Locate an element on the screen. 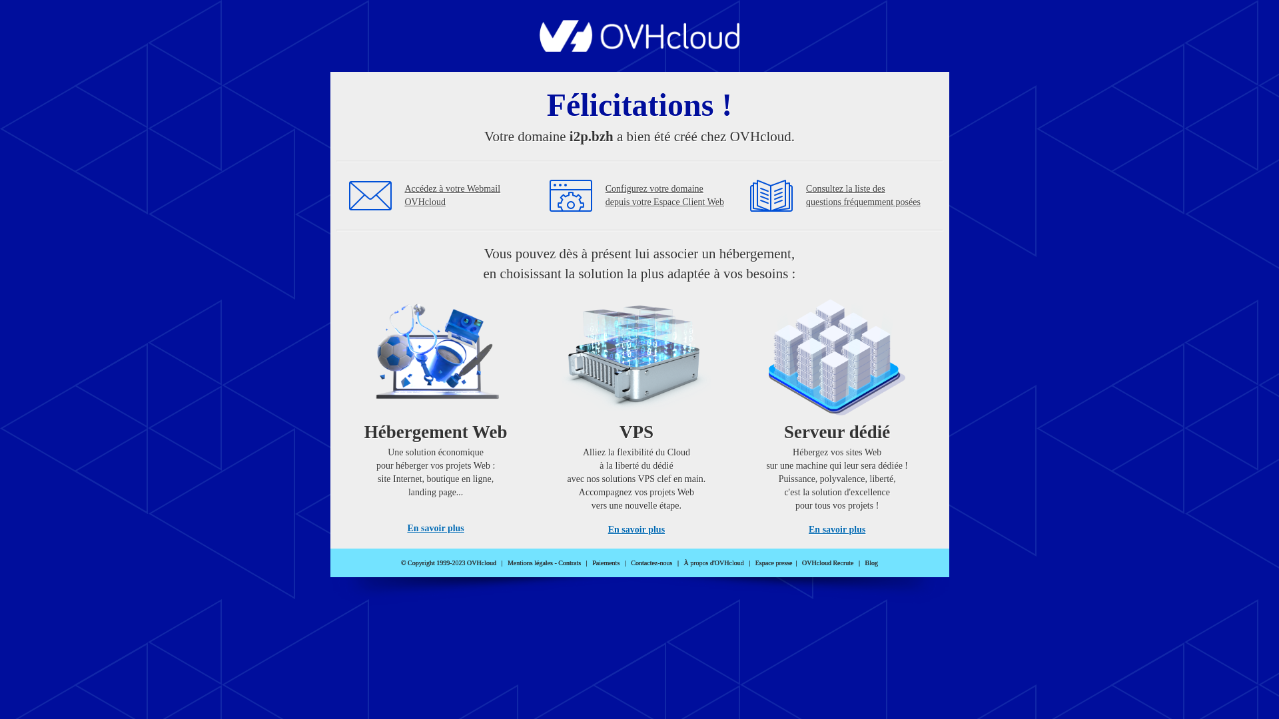 The height and width of the screenshot is (719, 1279). 'En savoir plus' is located at coordinates (435, 527).